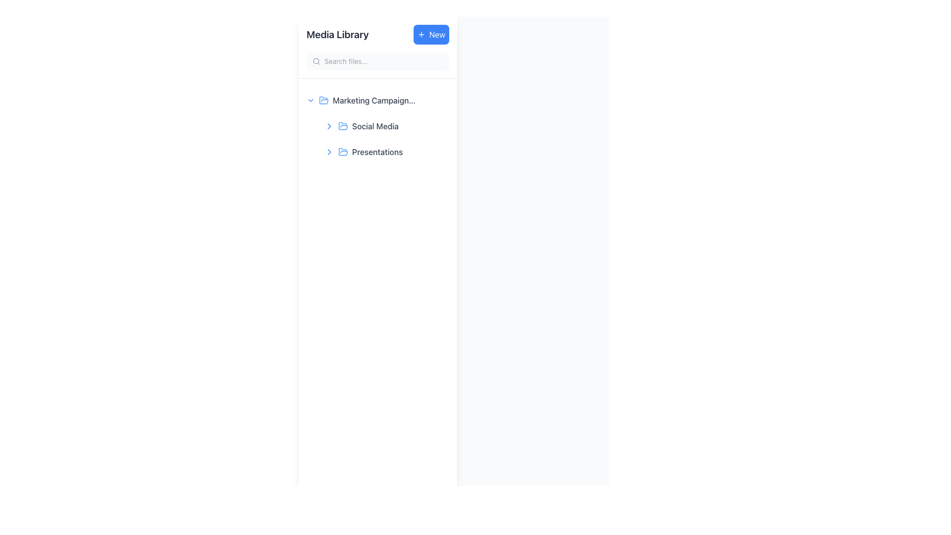 Image resolution: width=951 pixels, height=535 pixels. What do you see at coordinates (343, 152) in the screenshot?
I see `the light blue folder icon positioned to the left of the 'Presentations' text, which is the second element to the right of a chevron down arrow icon` at bounding box center [343, 152].